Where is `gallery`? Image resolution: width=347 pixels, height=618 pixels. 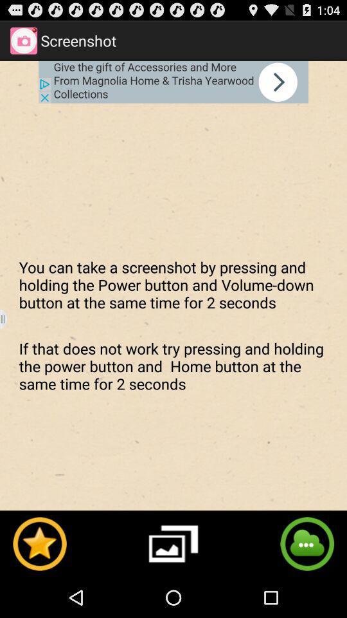
gallery is located at coordinates (173, 543).